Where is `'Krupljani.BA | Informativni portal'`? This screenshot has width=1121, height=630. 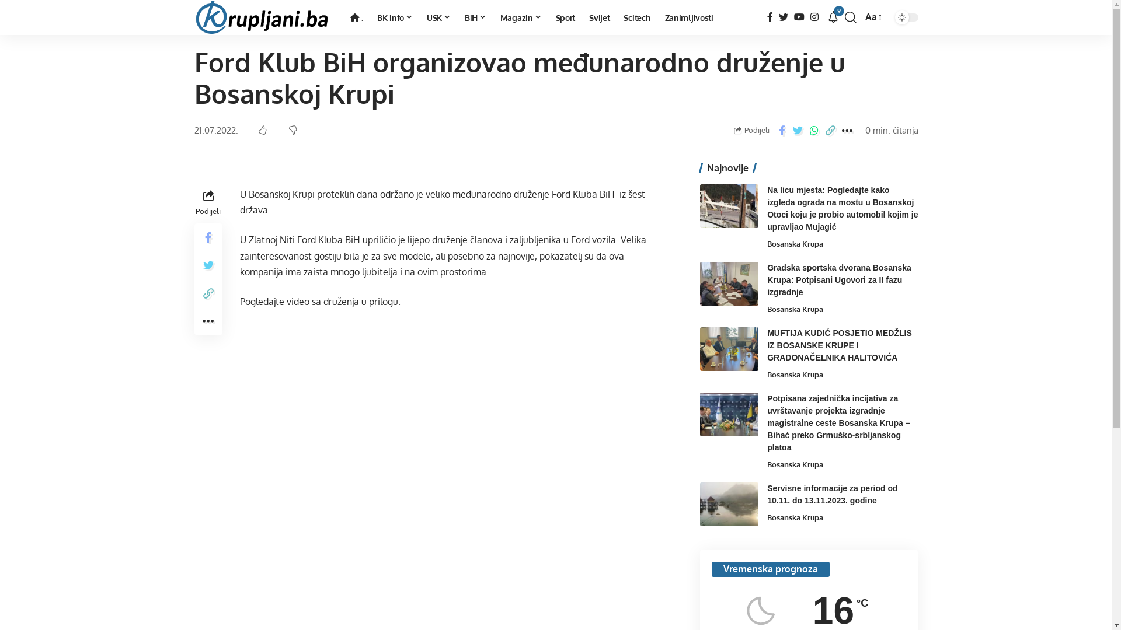
'Krupljani.BA | Informativni portal' is located at coordinates (193, 17).